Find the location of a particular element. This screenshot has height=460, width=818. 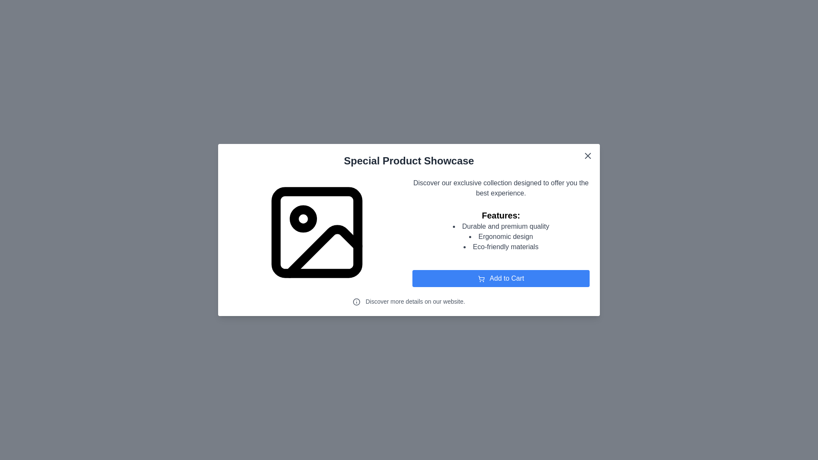

text contents of the 'Features:' section, which includes a bulleted list with descriptions such as 'Durable and premium quality,' 'Ergonomic design,' and 'Eco-friendly materials.' This section is located in the right half of the modal, below the description text and above the 'Add to Cart' button is located at coordinates (501, 230).